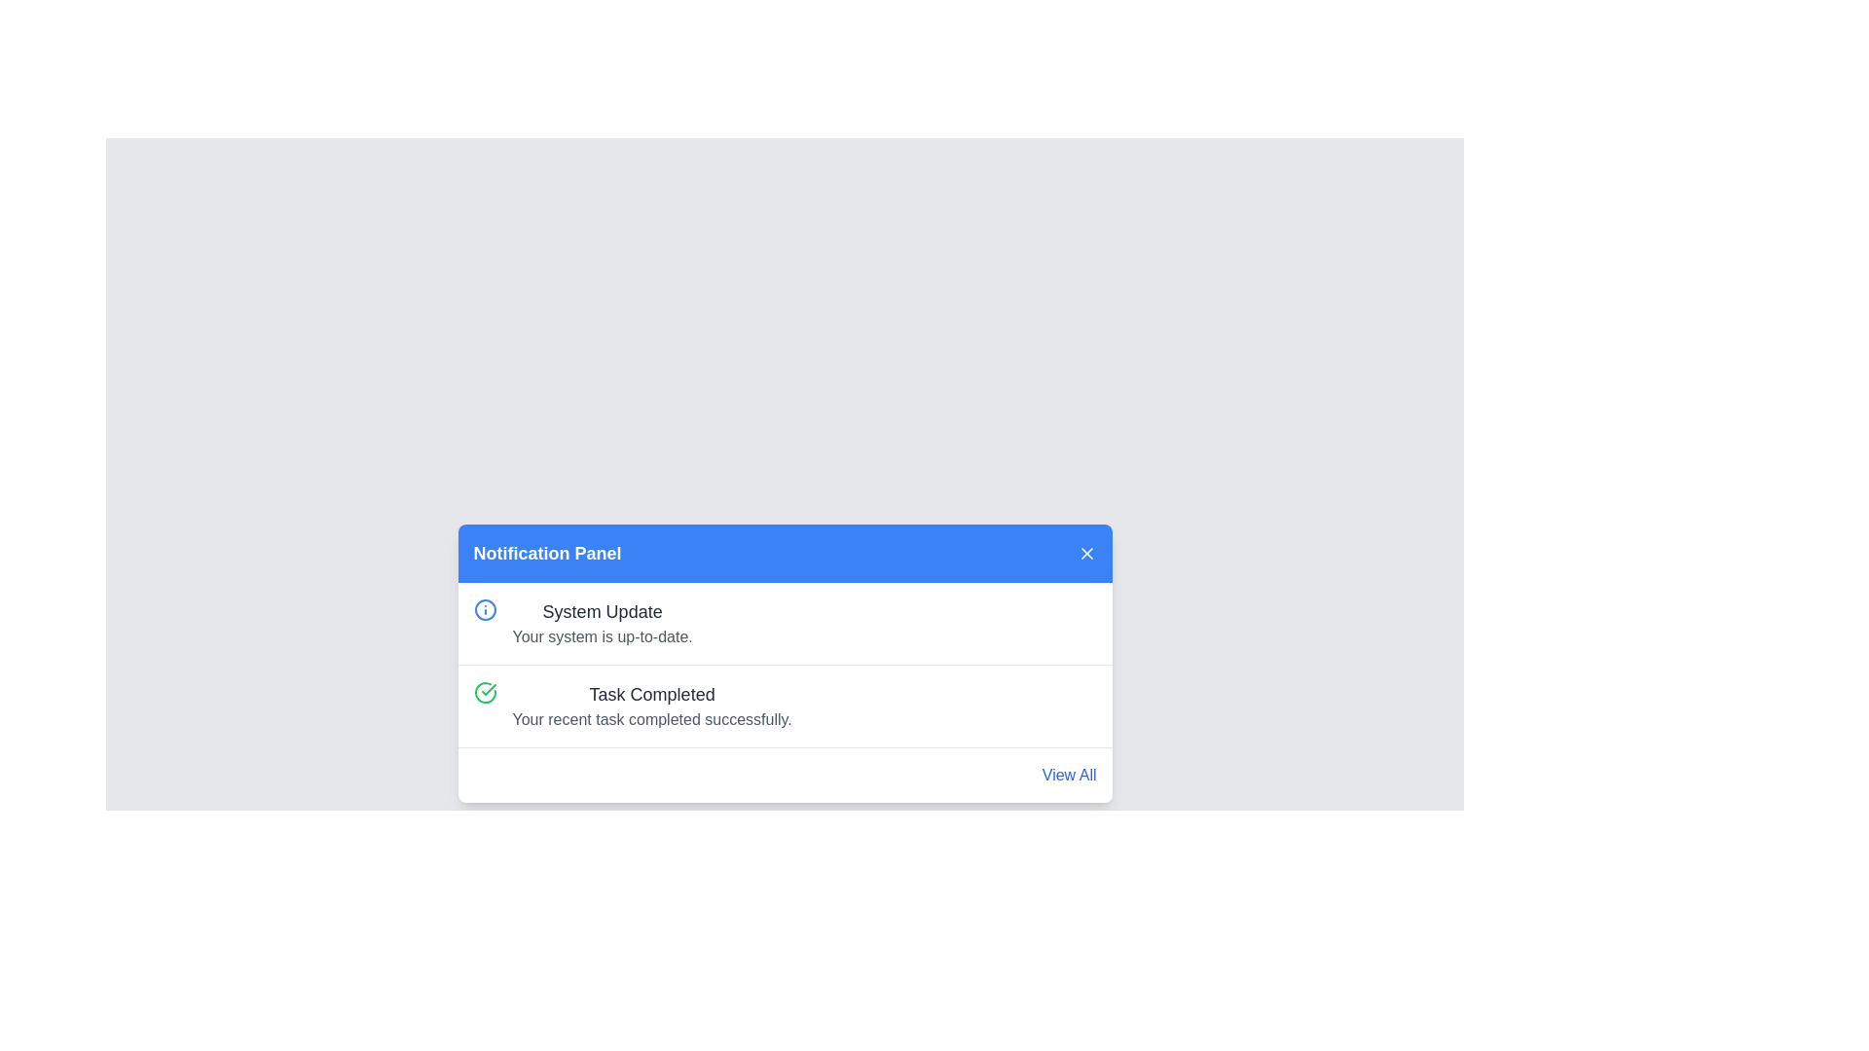 Image resolution: width=1869 pixels, height=1051 pixels. I want to click on the informational icon located in the blue-colored panel at the top-left of the notification card, so click(485, 609).